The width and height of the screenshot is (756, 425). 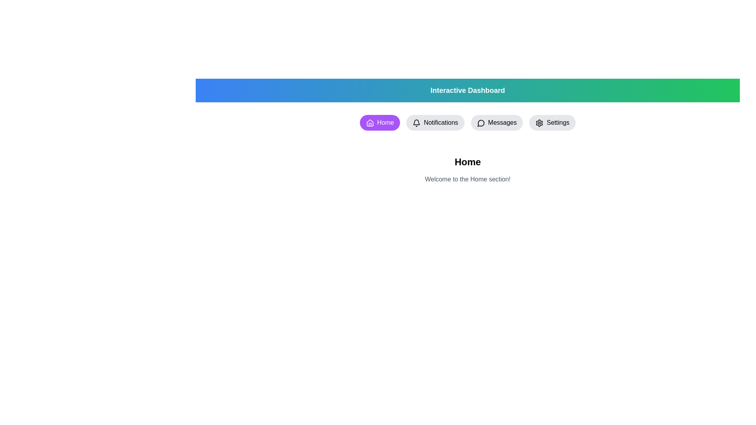 What do you see at coordinates (380, 123) in the screenshot?
I see `the tab labeled Home to view its content` at bounding box center [380, 123].